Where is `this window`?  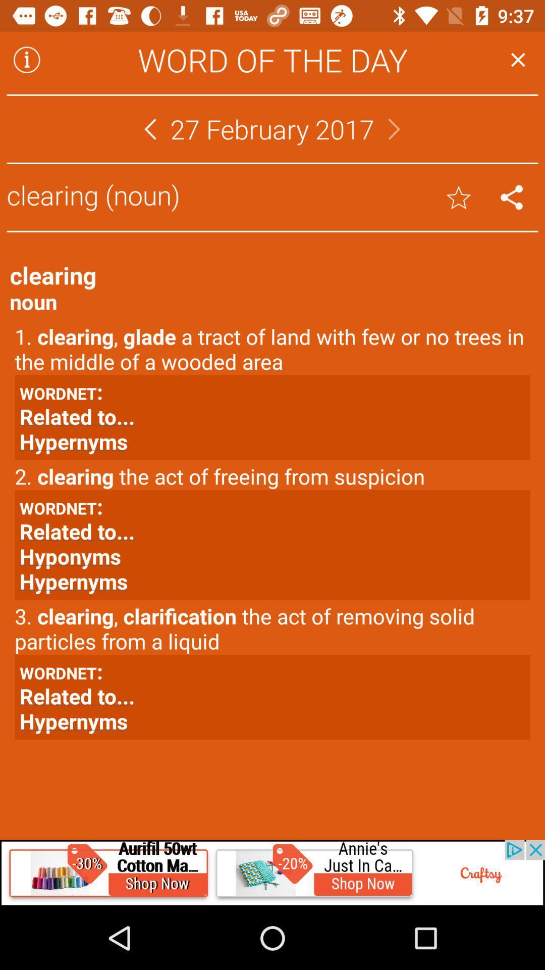
this window is located at coordinates (518, 59).